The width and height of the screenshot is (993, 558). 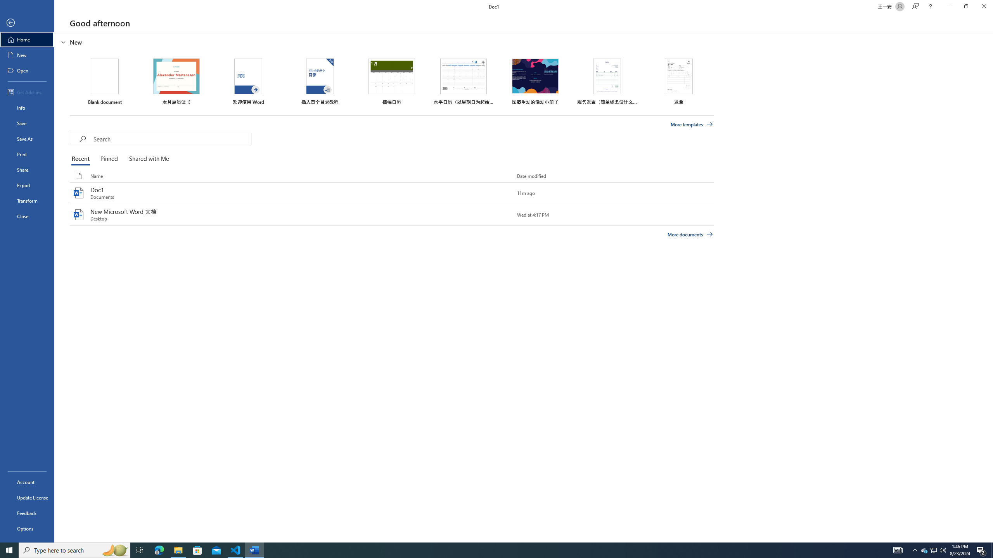 What do you see at coordinates (27, 138) in the screenshot?
I see `'Save As'` at bounding box center [27, 138].